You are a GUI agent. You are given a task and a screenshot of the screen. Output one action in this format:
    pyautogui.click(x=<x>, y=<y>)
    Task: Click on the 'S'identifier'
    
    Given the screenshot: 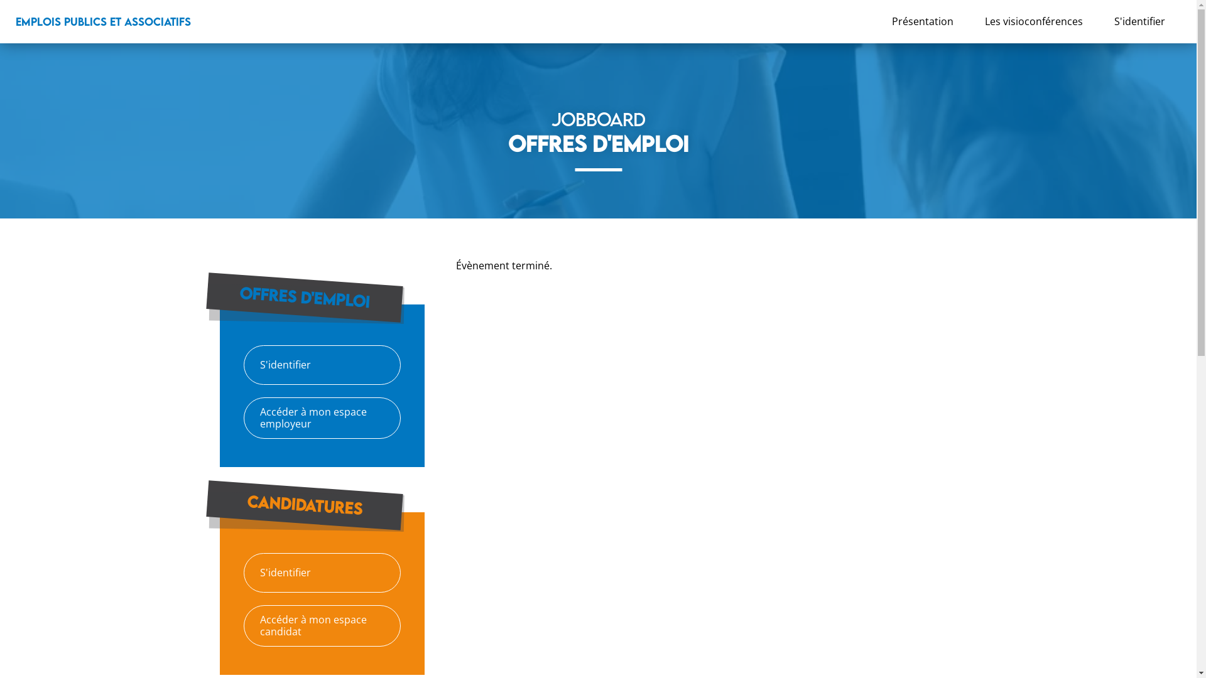 What is the action you would take?
    pyautogui.click(x=322, y=573)
    